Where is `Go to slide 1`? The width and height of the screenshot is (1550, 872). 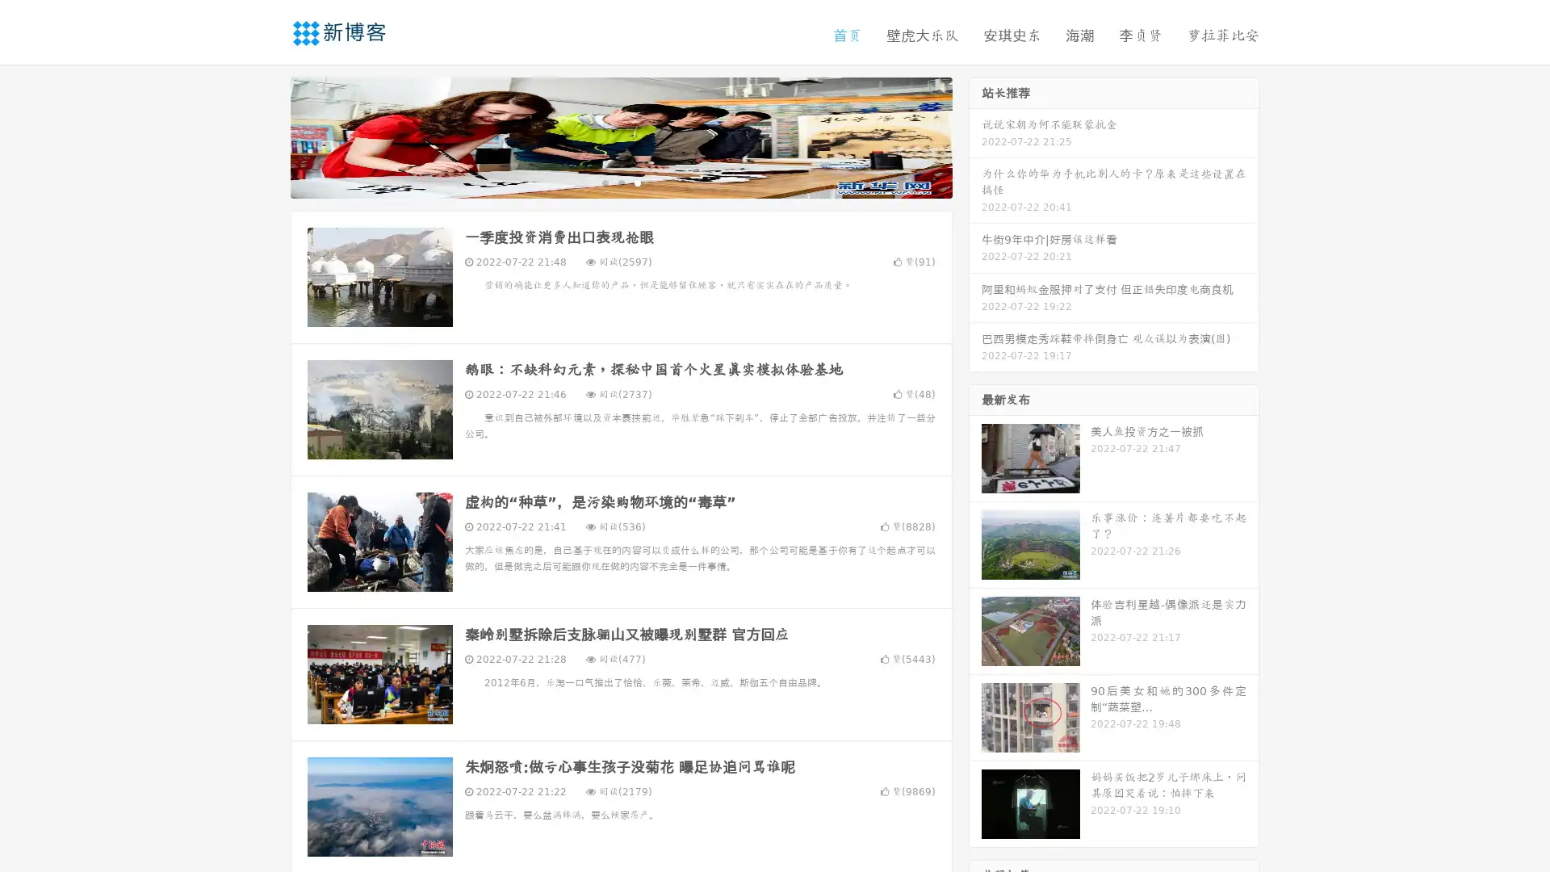 Go to slide 1 is located at coordinates (604, 182).